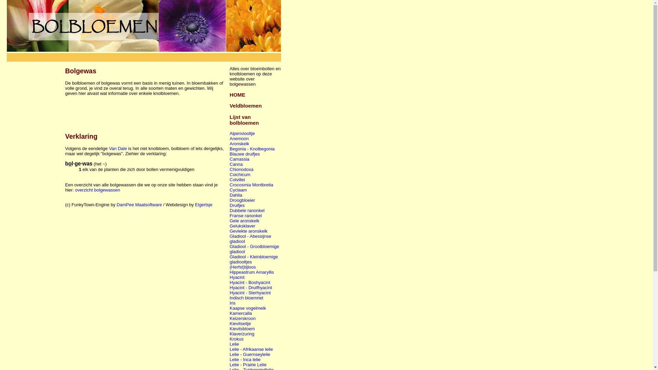 The height and width of the screenshot is (370, 658). What do you see at coordinates (248, 231) in the screenshot?
I see `'Gevlekte aronskelk'` at bounding box center [248, 231].